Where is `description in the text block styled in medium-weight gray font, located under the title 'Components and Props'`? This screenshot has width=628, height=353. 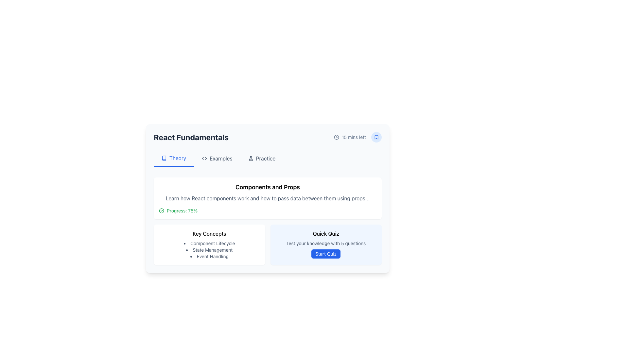
description in the text block styled in medium-weight gray font, located under the title 'Components and Props' is located at coordinates (268, 198).